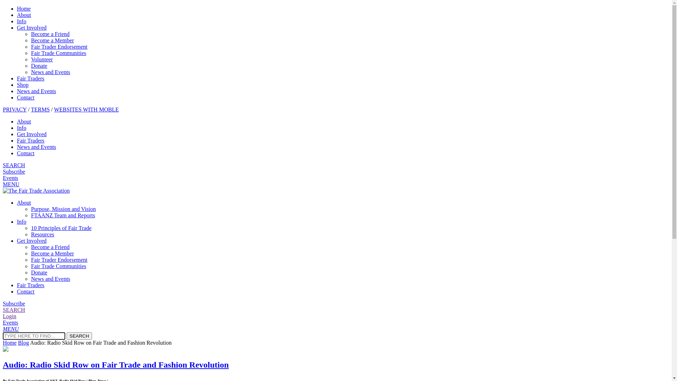  What do you see at coordinates (50, 278) in the screenshot?
I see `'News and Events'` at bounding box center [50, 278].